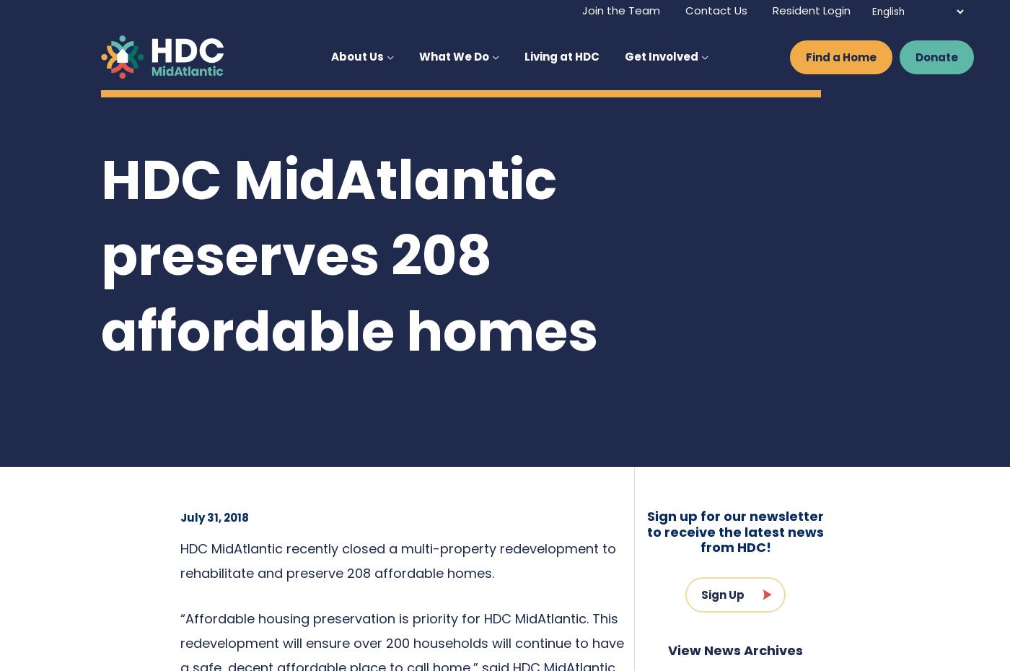 The image size is (1010, 671). Describe the element at coordinates (214, 517) in the screenshot. I see `'July 31, 2018'` at that location.